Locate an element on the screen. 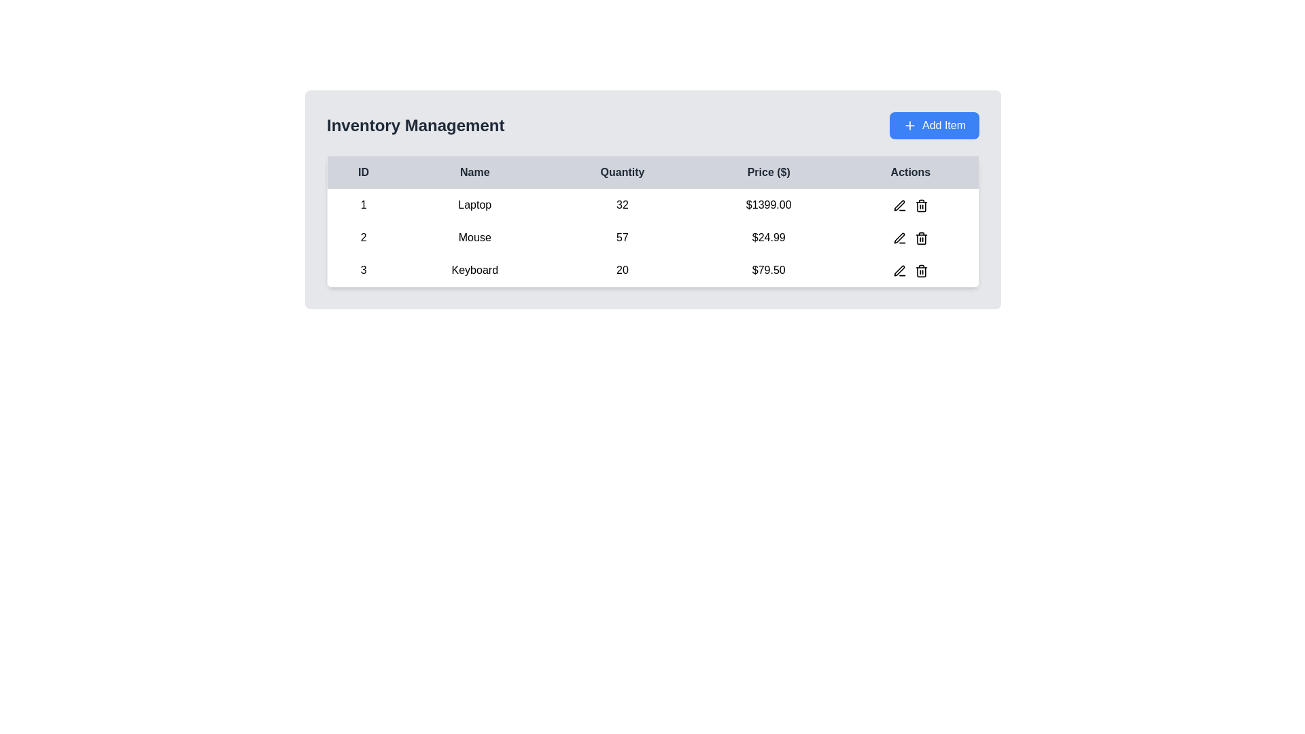 Image resolution: width=1305 pixels, height=734 pixels. the Table Header Cell labeled 'ID', which is styled in bold with a dark color and has a light gray background, located in the first column of the table's header row is located at coordinates (363, 171).